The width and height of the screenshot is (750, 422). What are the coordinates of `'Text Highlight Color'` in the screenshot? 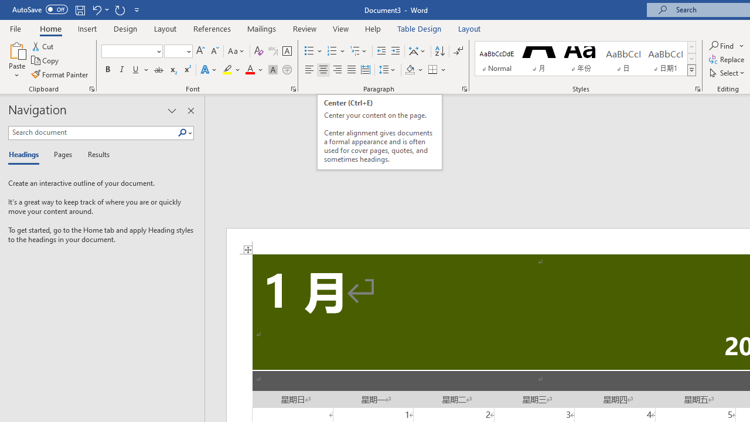 It's located at (231, 70).